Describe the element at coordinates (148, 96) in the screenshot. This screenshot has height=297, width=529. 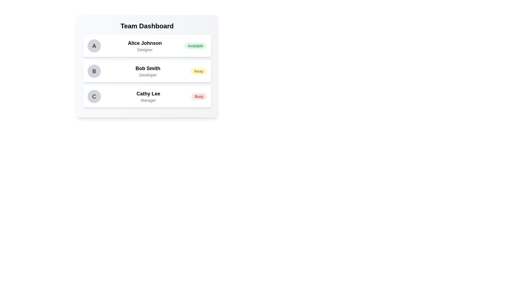
I see `the Text Label that provides the name and role of a team member, located in the third card of the vertical list, positioned below 'Bob Smith' and aligned with the circular avatar marked 'C' and the 'Busy' status indicator` at that location.